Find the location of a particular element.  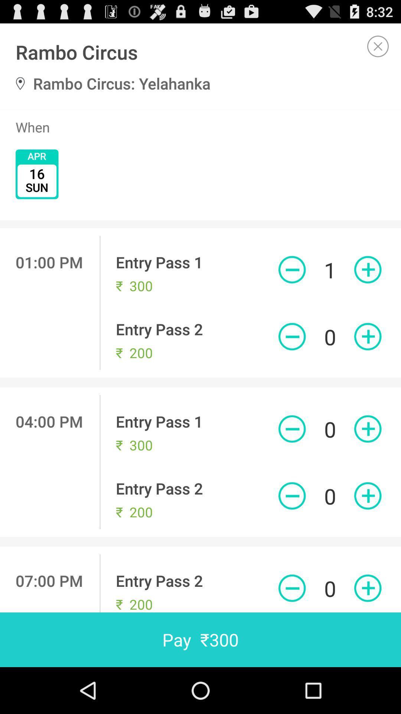

current screen is located at coordinates (378, 46).